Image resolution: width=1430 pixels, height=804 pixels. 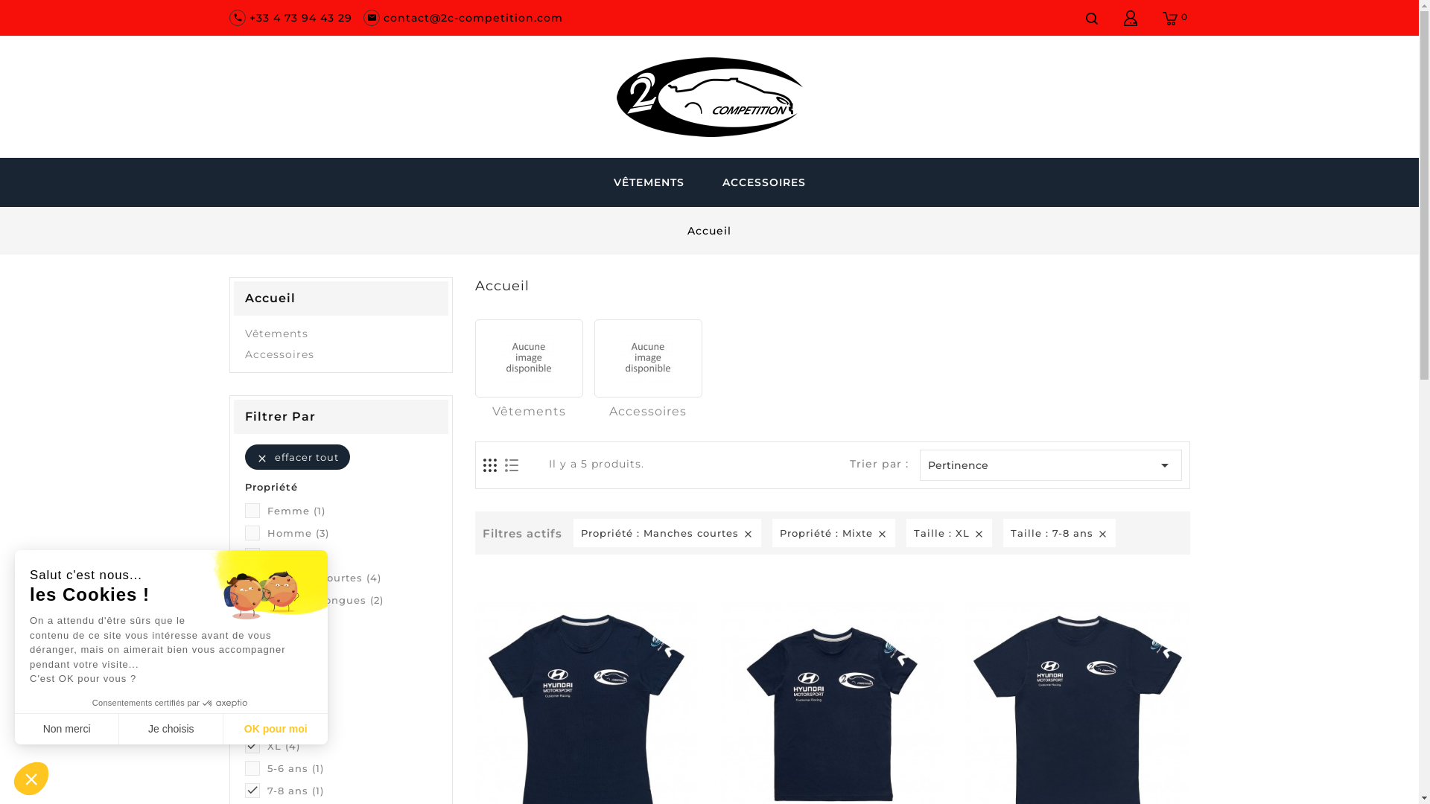 I want to click on 'Accessoires', so click(x=593, y=358).